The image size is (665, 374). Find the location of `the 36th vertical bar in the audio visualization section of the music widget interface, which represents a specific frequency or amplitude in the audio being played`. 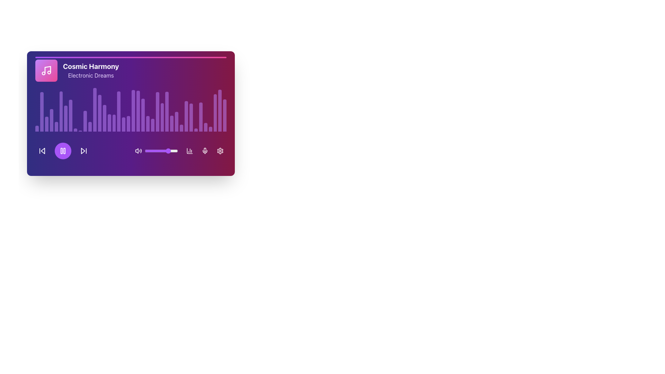

the 36th vertical bar in the audio visualization section of the music widget interface, which represents a specific frequency or amplitude in the audio being played is located at coordinates (191, 117).